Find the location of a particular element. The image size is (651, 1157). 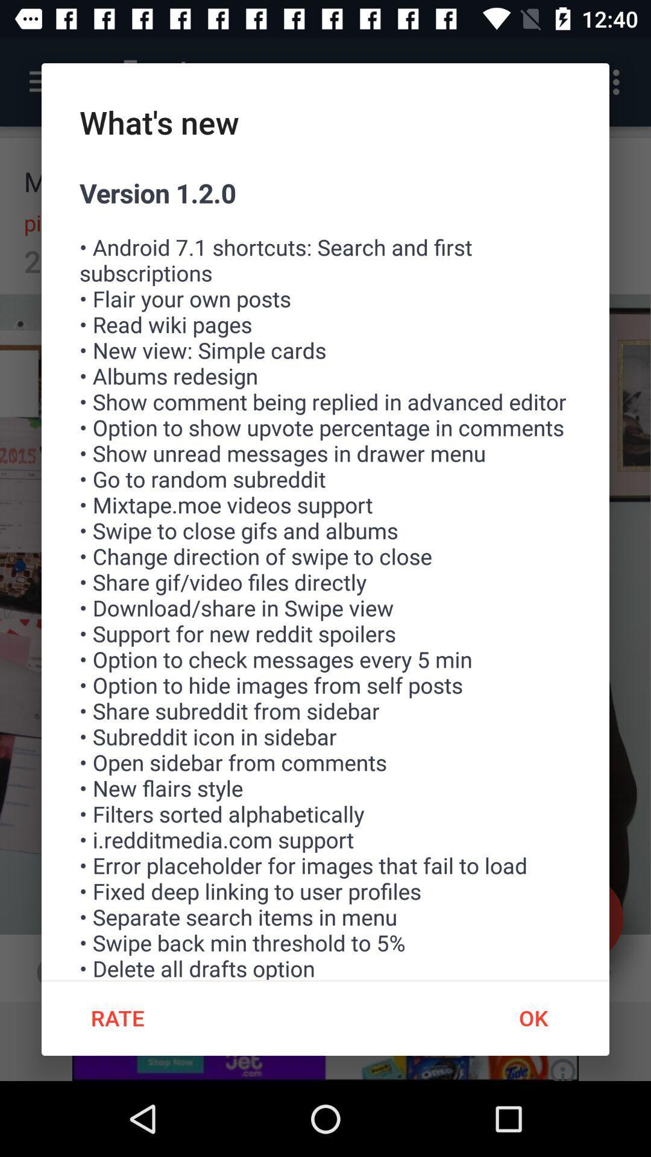

rate icon is located at coordinates (118, 1017).